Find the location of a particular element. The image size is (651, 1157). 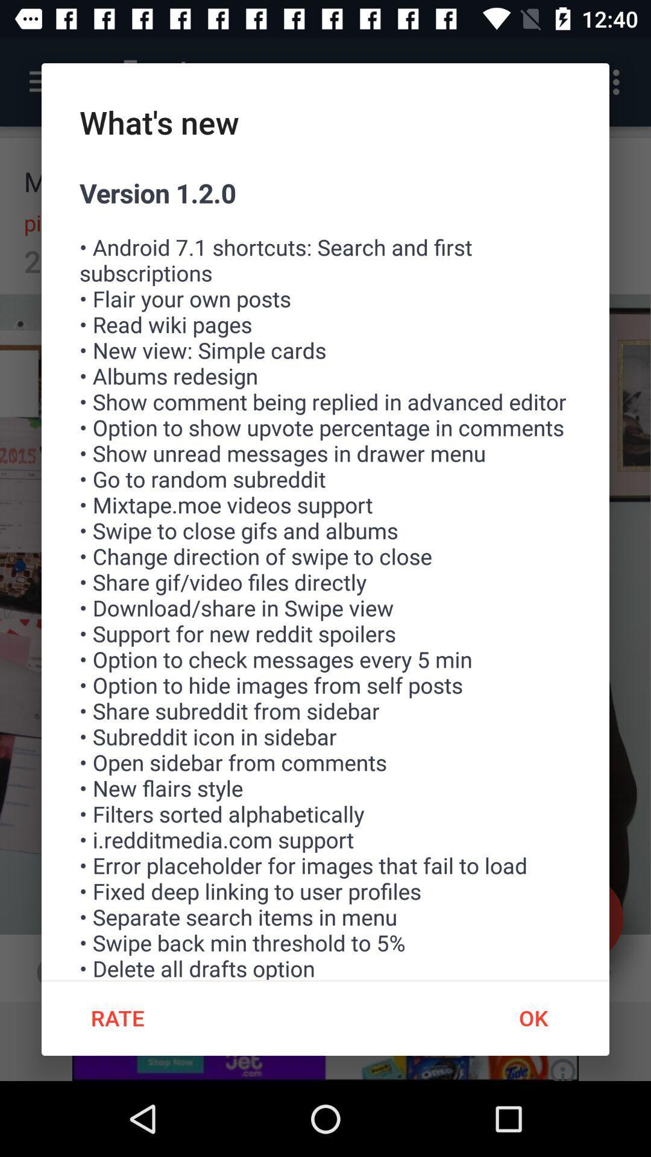

rate icon is located at coordinates (118, 1017).